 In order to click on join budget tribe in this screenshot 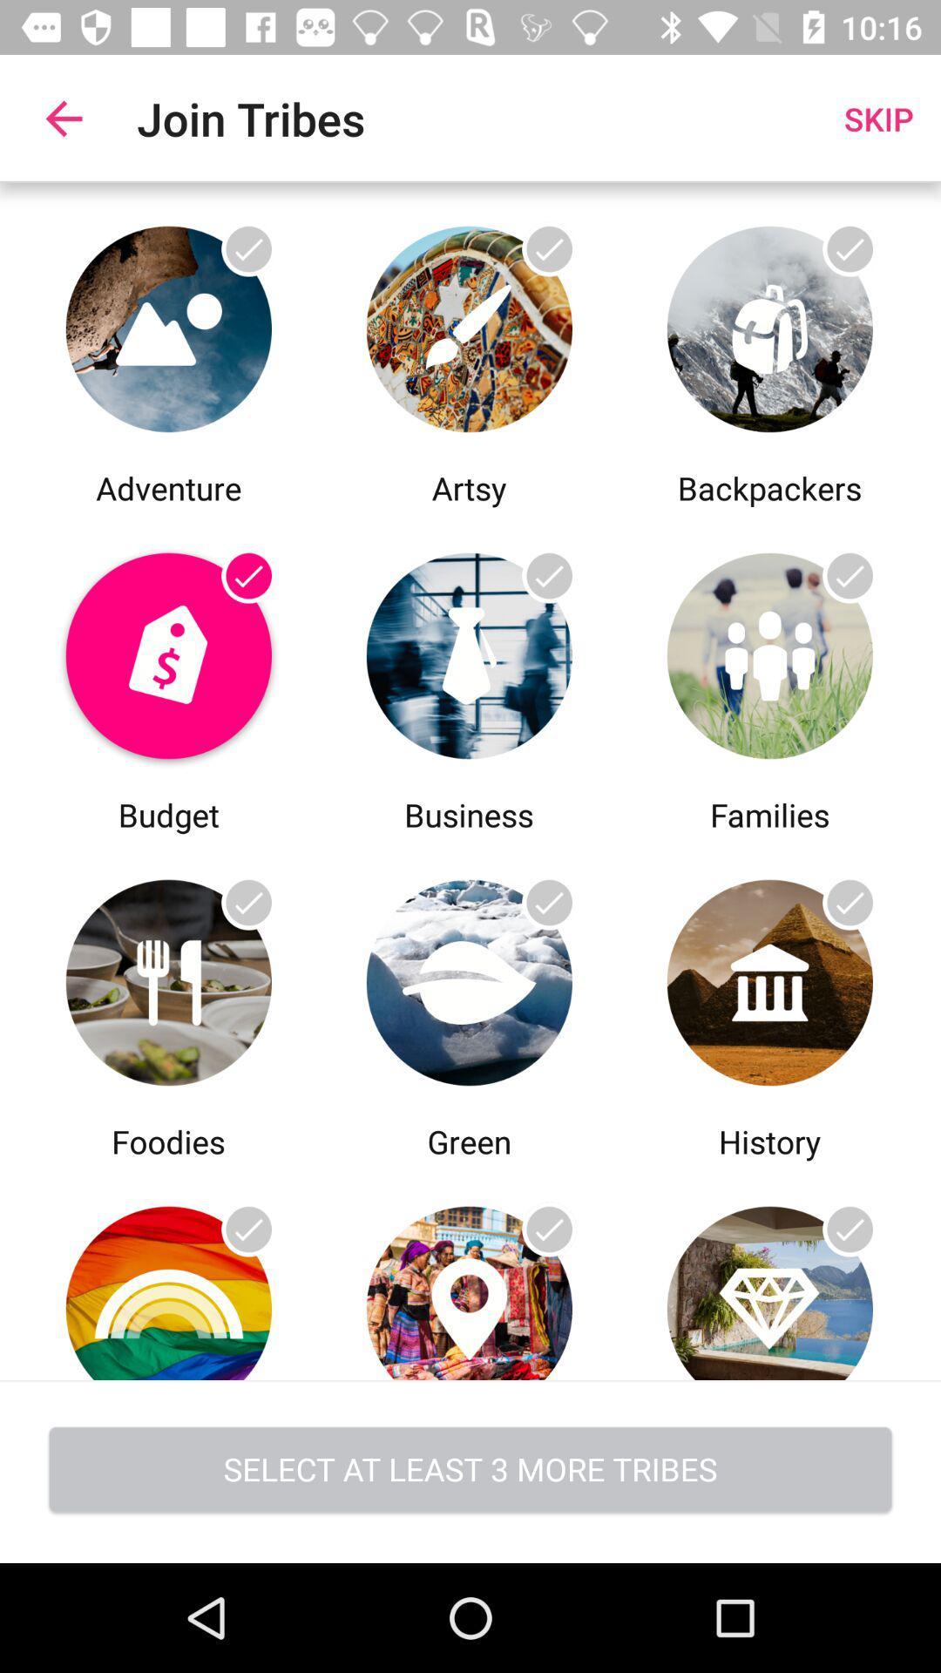, I will do `click(168, 650)`.